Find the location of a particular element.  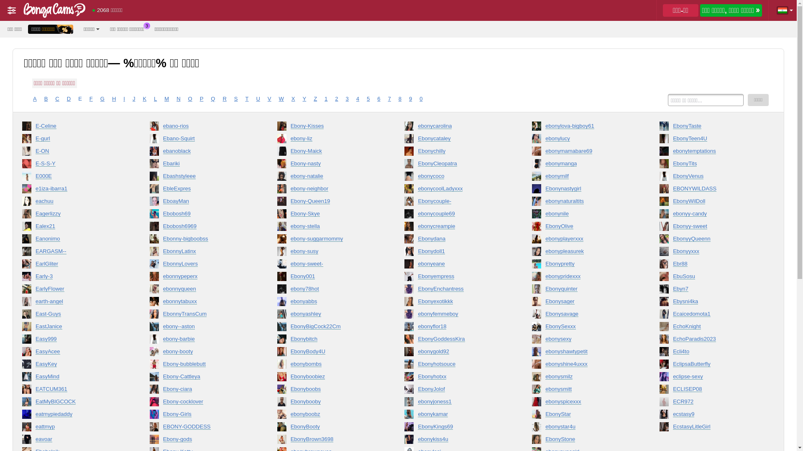

'EchoKnight' is located at coordinates (711, 328).